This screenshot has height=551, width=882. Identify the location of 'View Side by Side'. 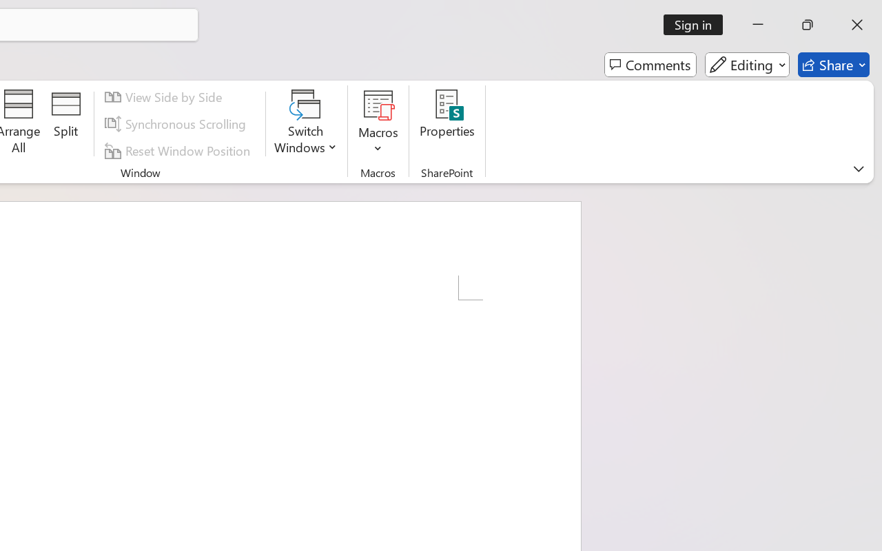
(165, 97).